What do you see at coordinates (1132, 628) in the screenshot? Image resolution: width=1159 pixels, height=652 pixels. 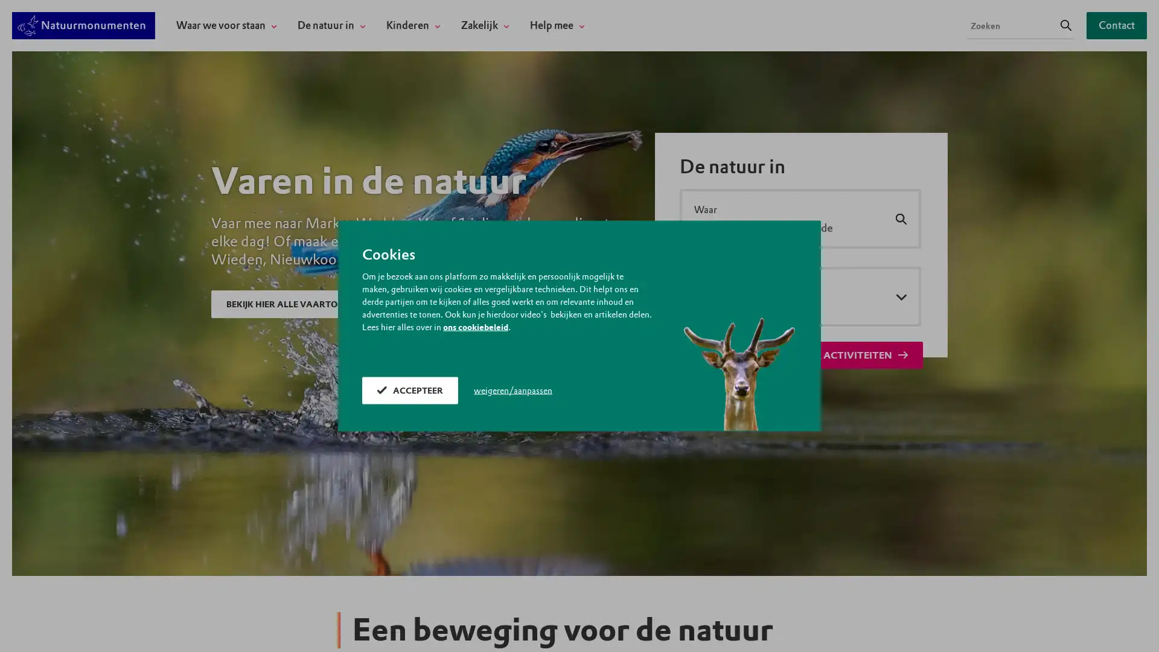 I see `Scroll to top` at bounding box center [1132, 628].